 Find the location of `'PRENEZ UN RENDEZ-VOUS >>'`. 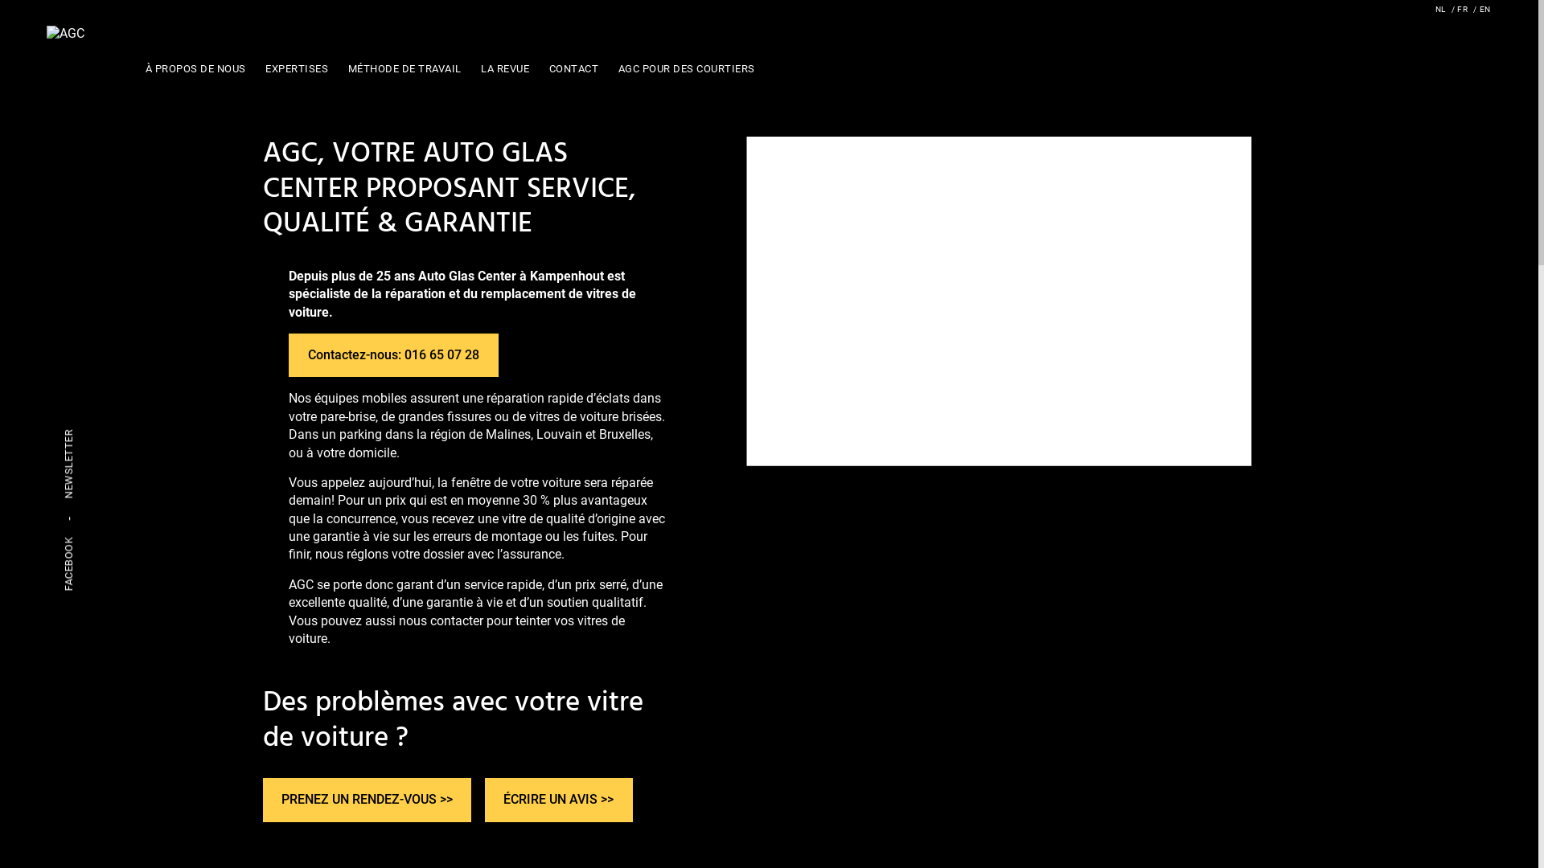

'PRENEZ UN RENDEZ-VOUS >>' is located at coordinates (366, 800).